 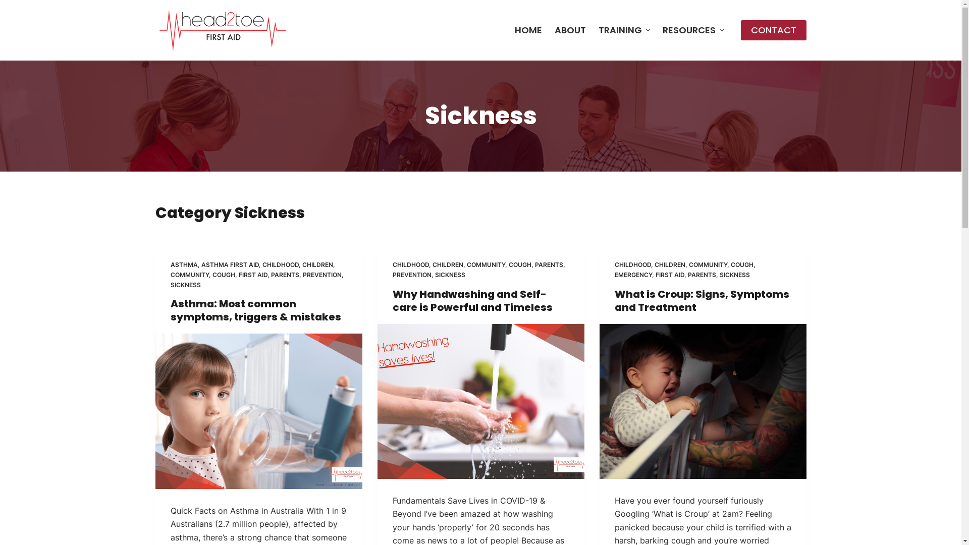 What do you see at coordinates (189, 275) in the screenshot?
I see `'COMMUNITY'` at bounding box center [189, 275].